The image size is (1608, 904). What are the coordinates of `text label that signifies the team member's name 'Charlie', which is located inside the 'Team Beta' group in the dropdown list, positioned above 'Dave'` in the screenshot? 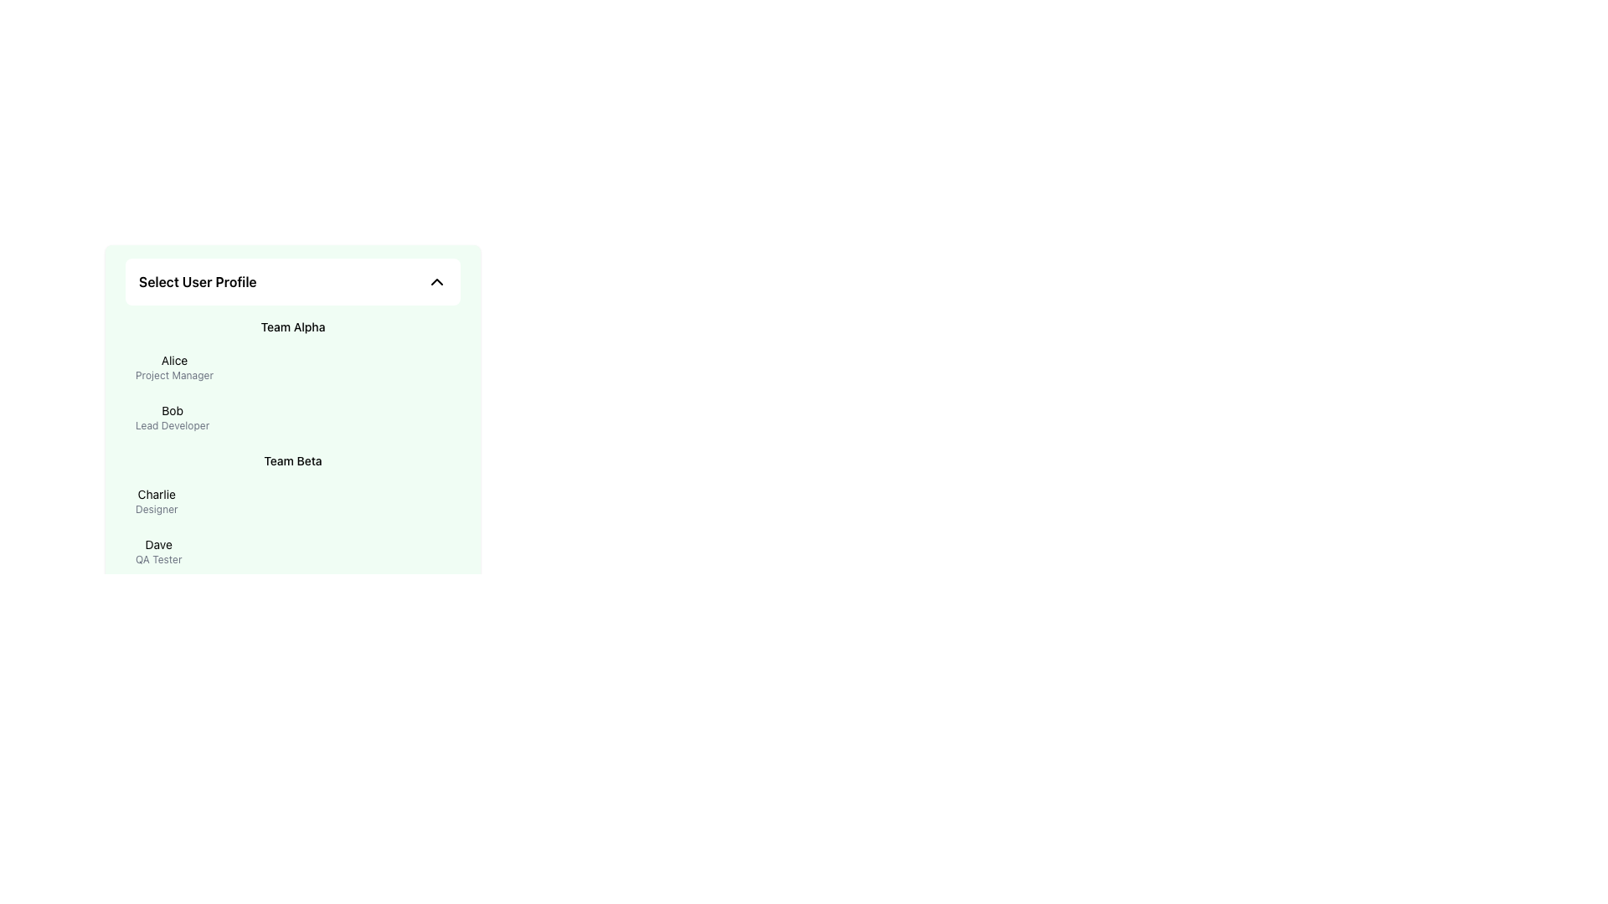 It's located at (157, 493).